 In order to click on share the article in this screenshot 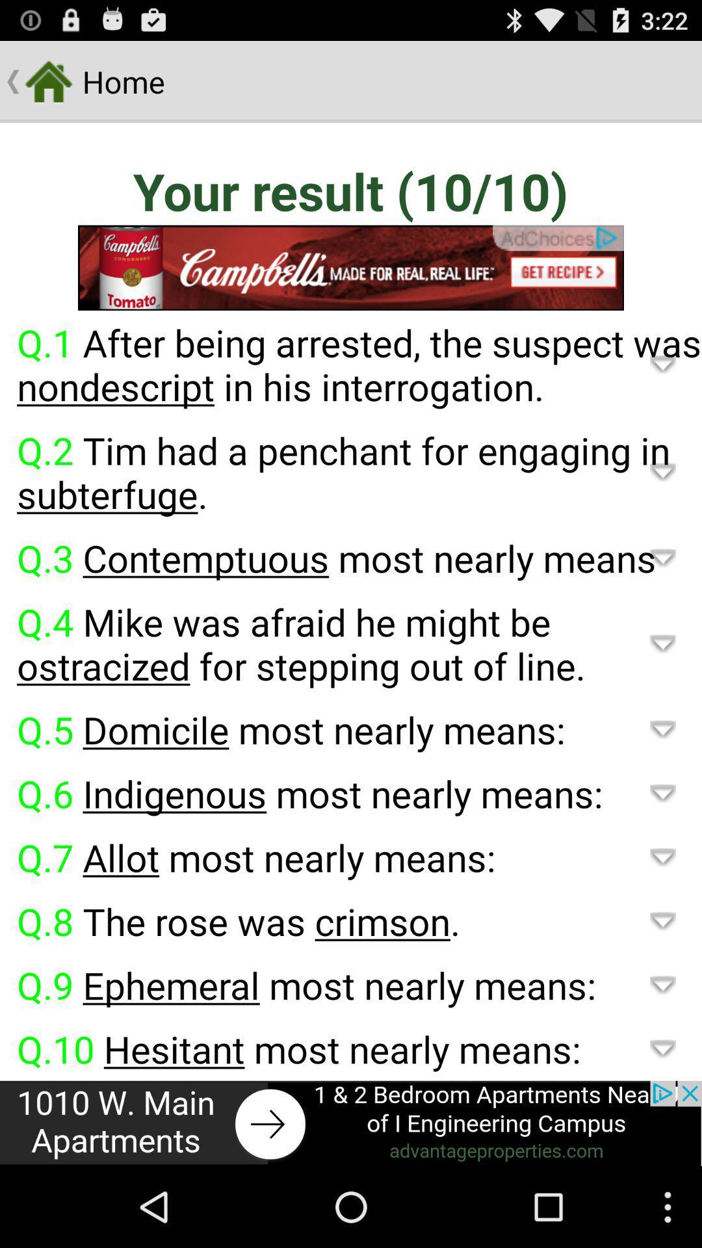, I will do `click(351, 1123)`.